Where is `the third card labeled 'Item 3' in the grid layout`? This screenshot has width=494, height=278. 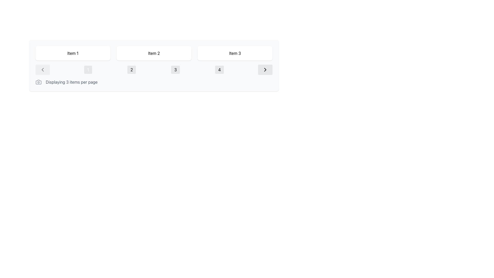 the third card labeled 'Item 3' in the grid layout is located at coordinates (235, 53).